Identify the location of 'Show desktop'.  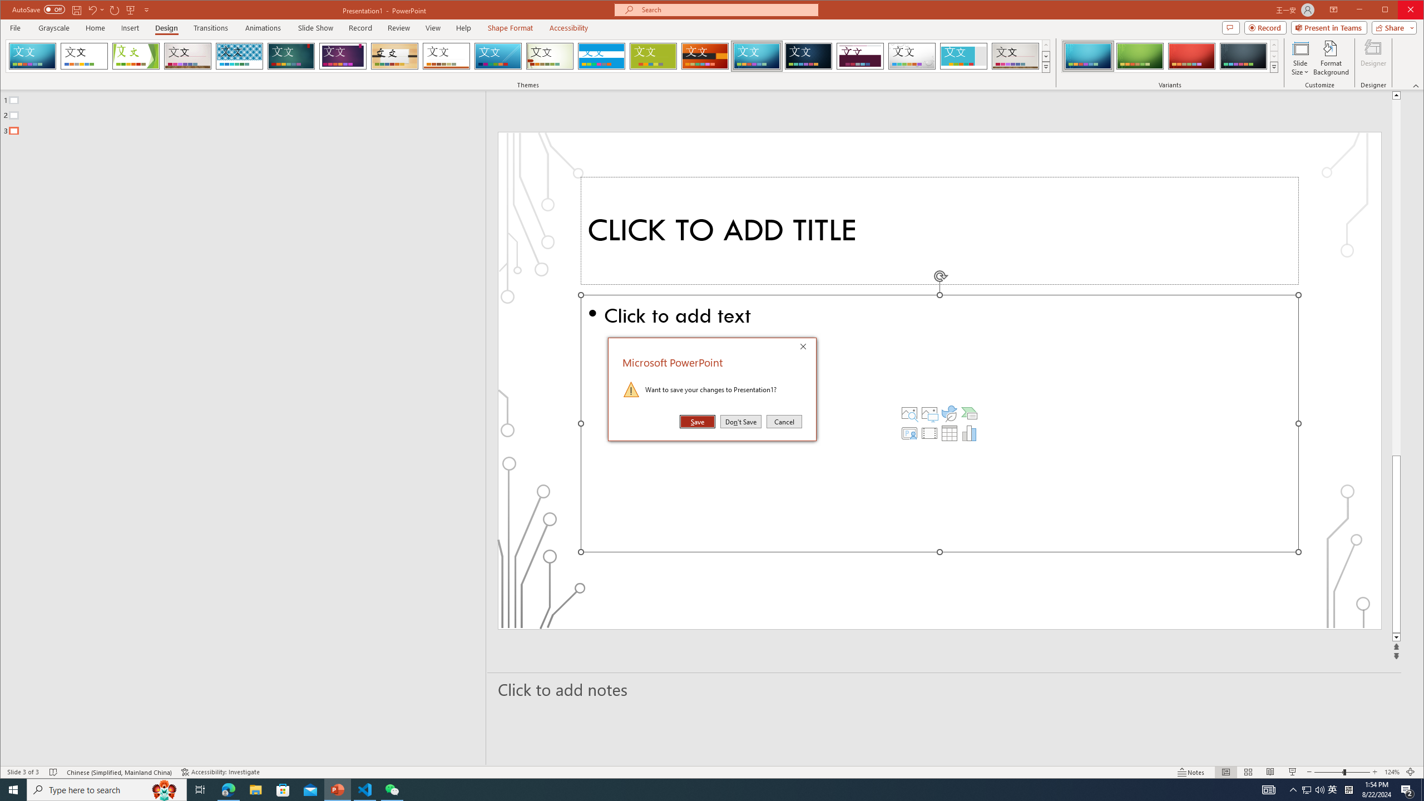
(1422, 789).